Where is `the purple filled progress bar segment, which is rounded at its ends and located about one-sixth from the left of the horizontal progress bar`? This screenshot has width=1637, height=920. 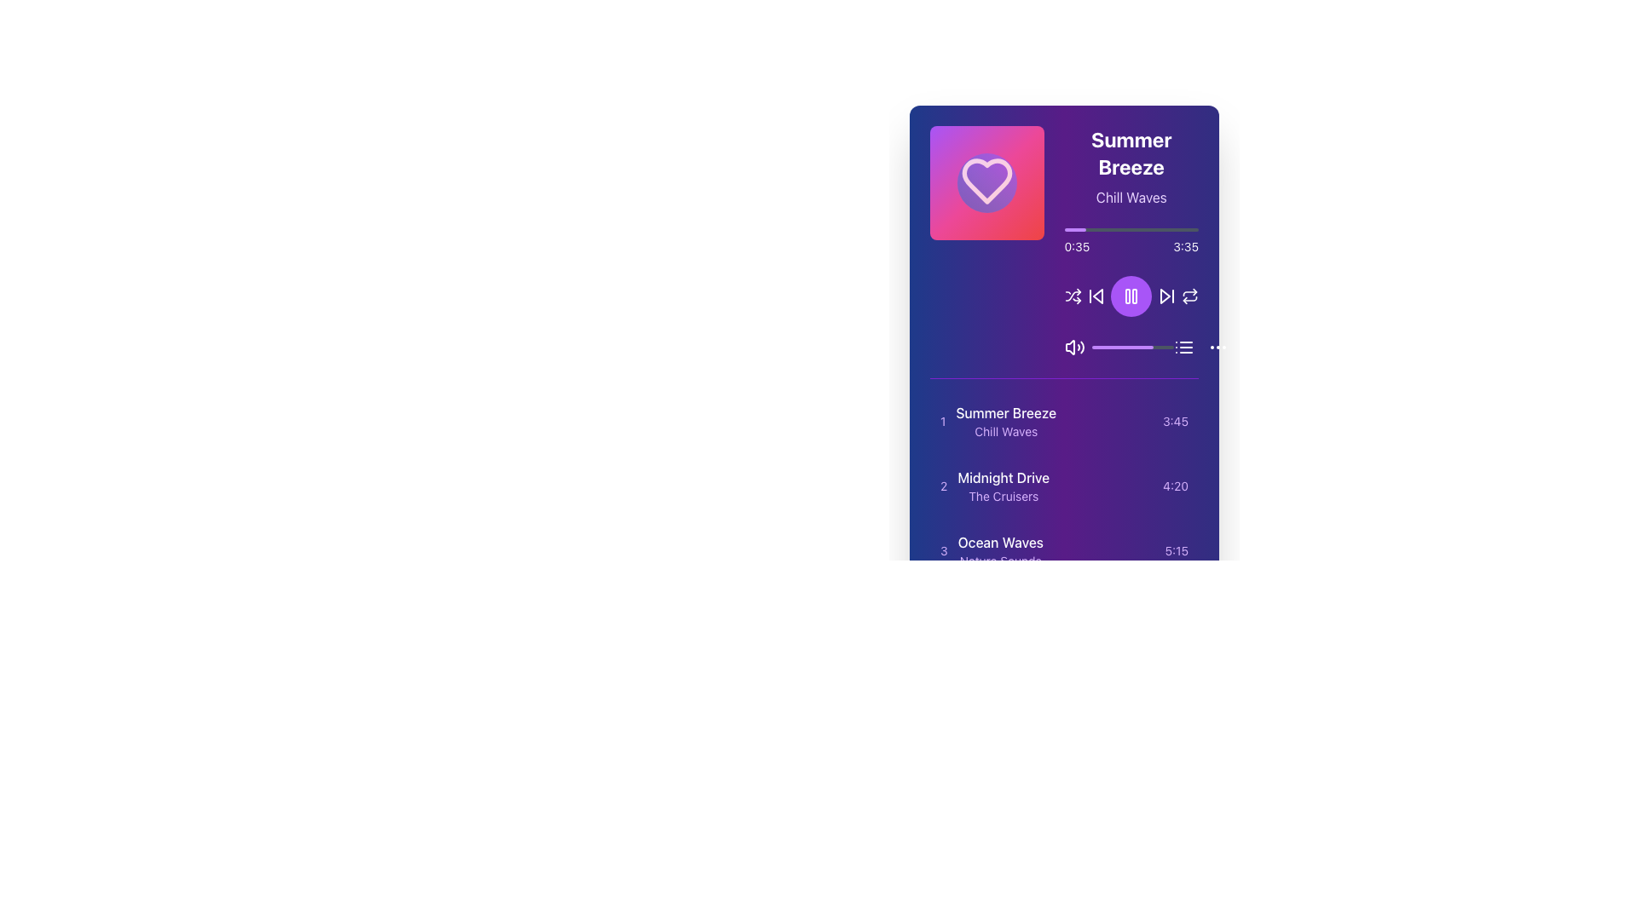 the purple filled progress bar segment, which is rounded at its ends and located about one-sixth from the left of the horizontal progress bar is located at coordinates (1074, 230).